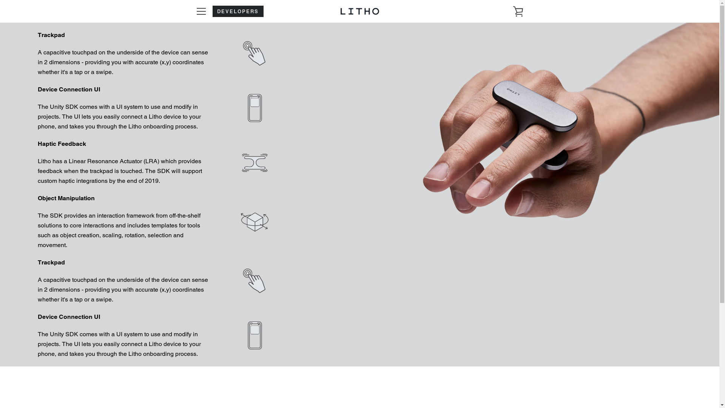 This screenshot has height=408, width=725. I want to click on 'VIEW CART', so click(518, 11).